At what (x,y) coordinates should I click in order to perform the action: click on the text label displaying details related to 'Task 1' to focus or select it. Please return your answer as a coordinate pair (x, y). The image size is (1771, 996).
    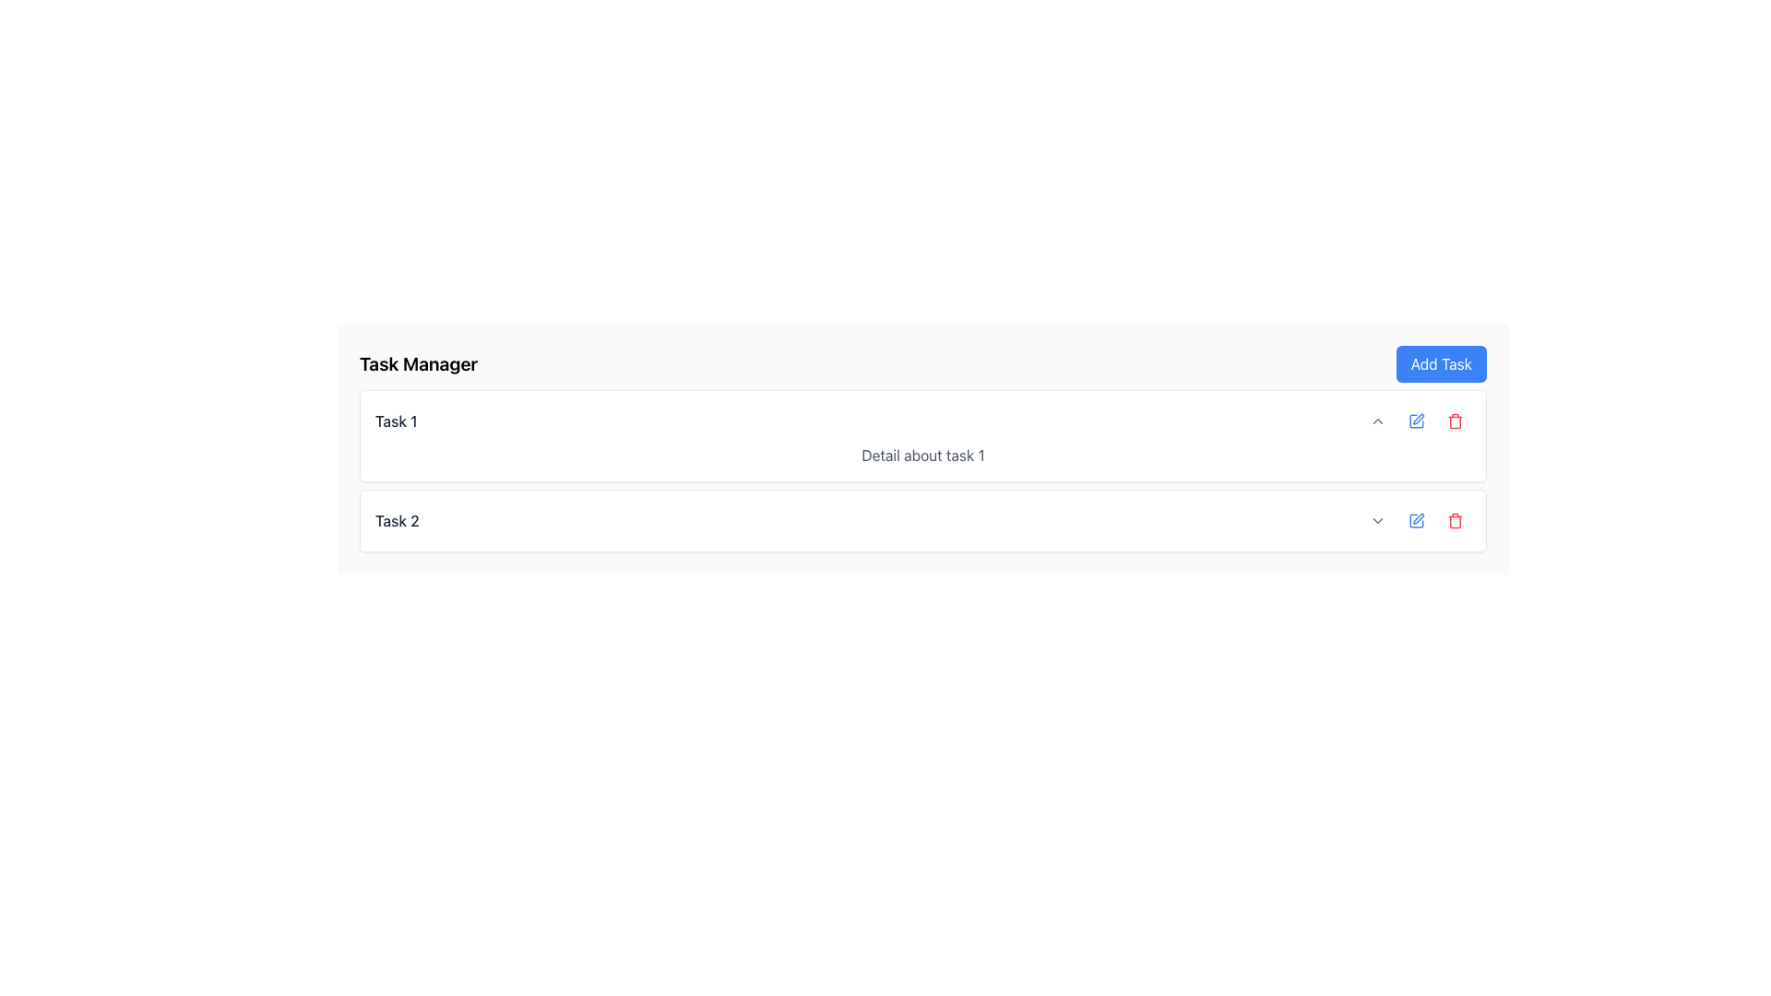
    Looking at the image, I should click on (923, 455).